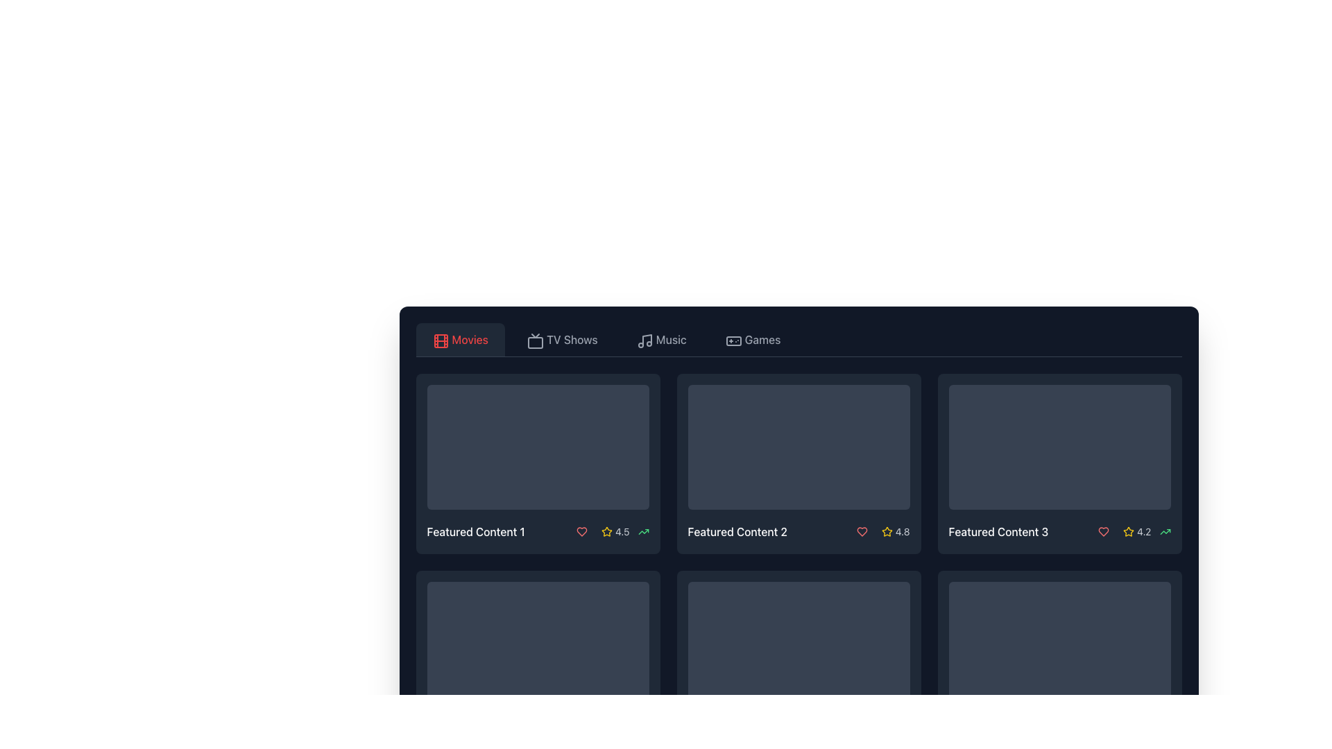 This screenshot has width=1332, height=749. What do you see at coordinates (880, 531) in the screenshot?
I see `the star icon next to the numeric rating '4.8' under the second content card in the featured section` at bounding box center [880, 531].